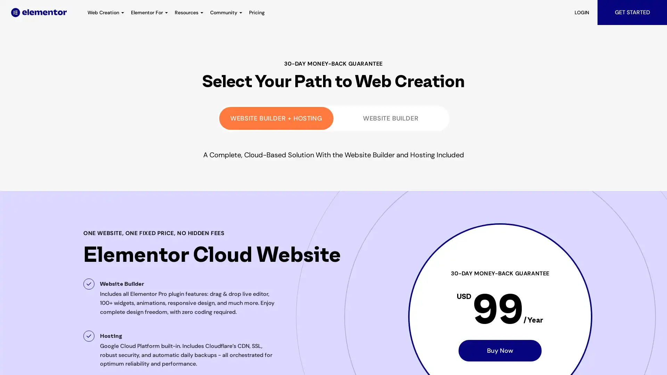  I want to click on WEBSITE BUILDER + HOSTING, so click(276, 117).